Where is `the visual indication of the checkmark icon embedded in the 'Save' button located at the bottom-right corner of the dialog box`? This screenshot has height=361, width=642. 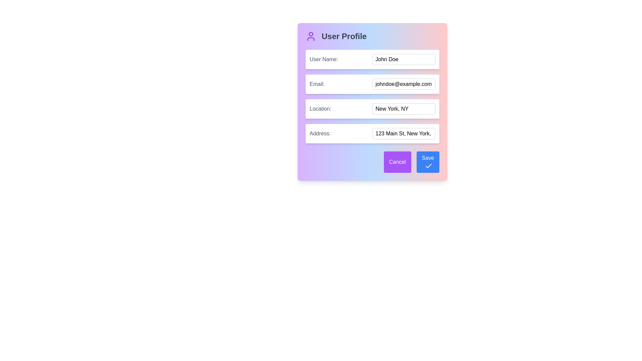
the visual indication of the checkmark icon embedded in the 'Save' button located at the bottom-right corner of the dialog box is located at coordinates (428, 165).